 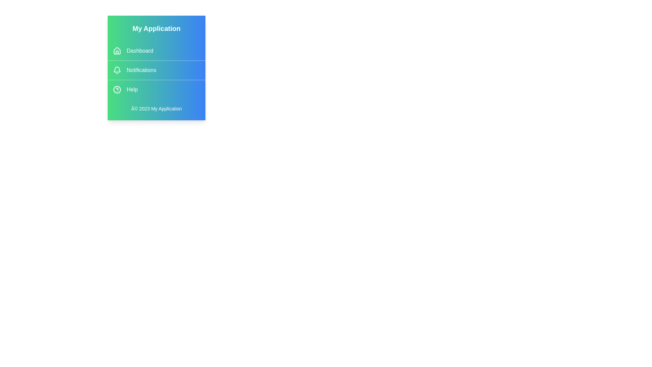 What do you see at coordinates (156, 70) in the screenshot?
I see `the Notifications menu item to navigate to its section` at bounding box center [156, 70].